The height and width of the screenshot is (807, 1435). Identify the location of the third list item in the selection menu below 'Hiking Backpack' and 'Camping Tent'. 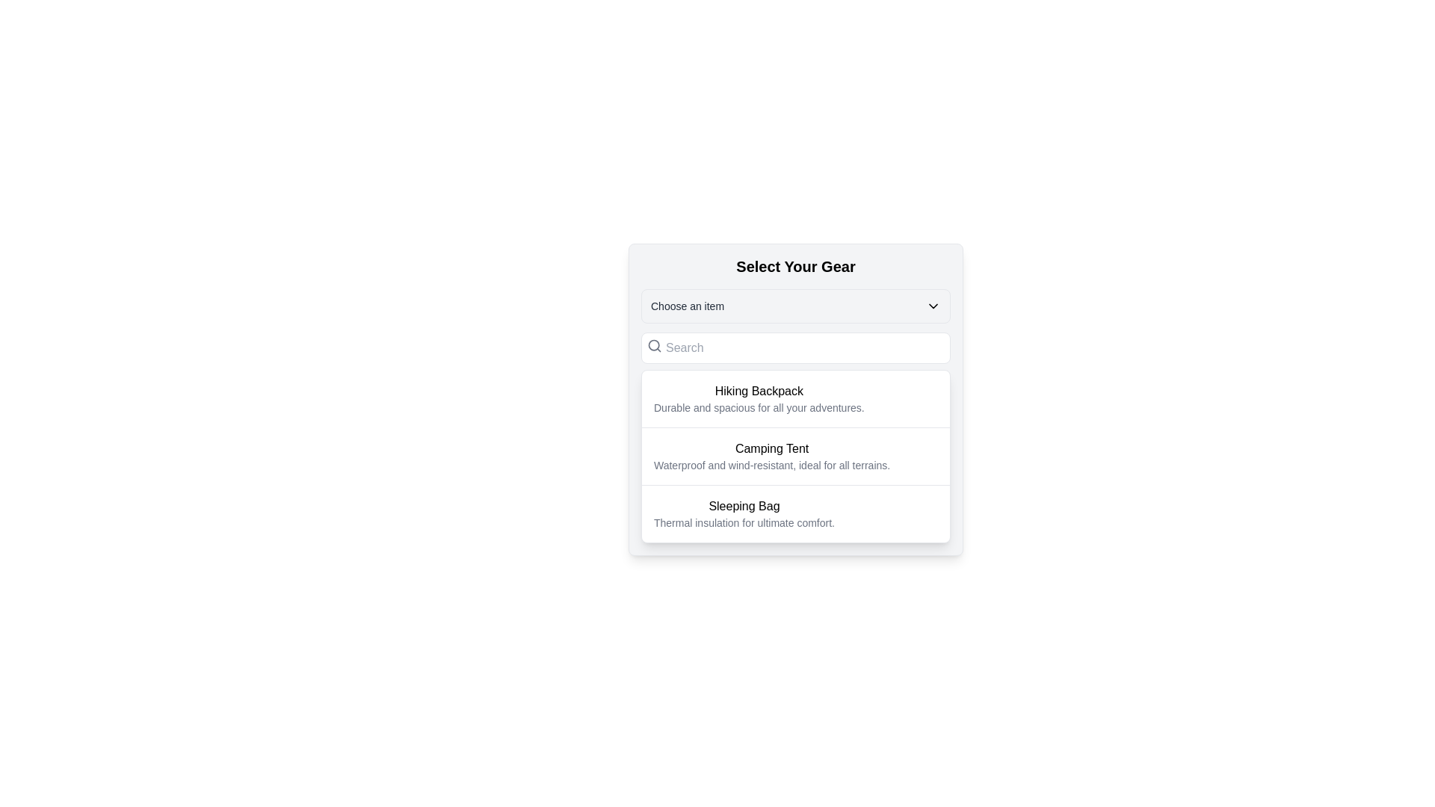
(795, 513).